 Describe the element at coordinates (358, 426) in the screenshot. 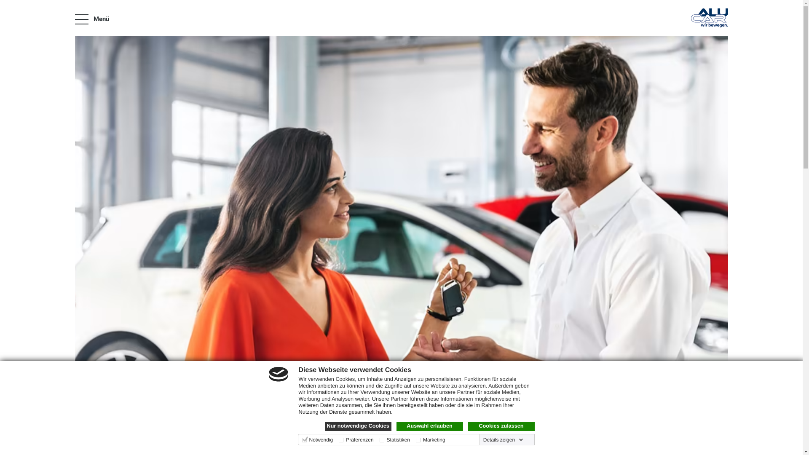

I see `'Nur notwendige Cookies'` at that location.